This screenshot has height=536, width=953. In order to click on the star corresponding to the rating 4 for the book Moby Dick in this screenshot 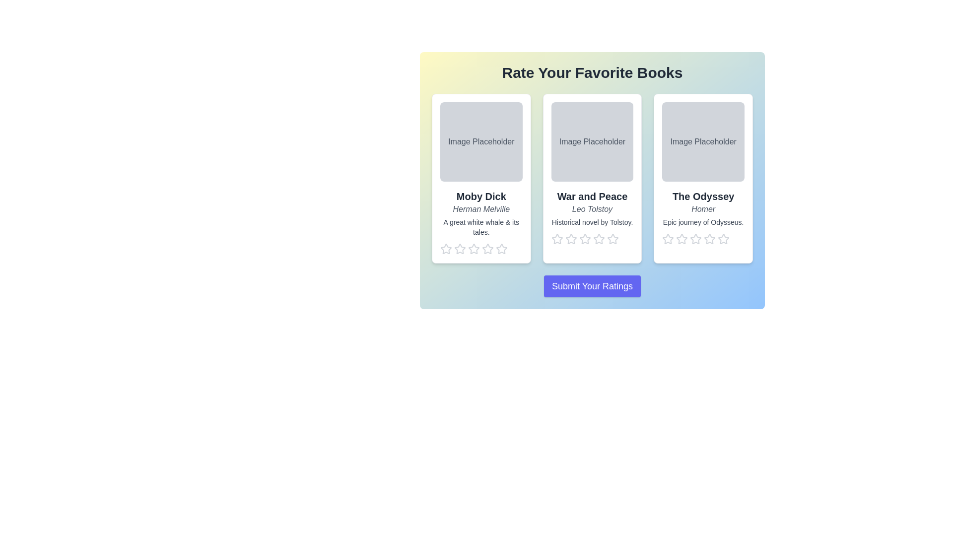, I will do `click(488, 248)`.